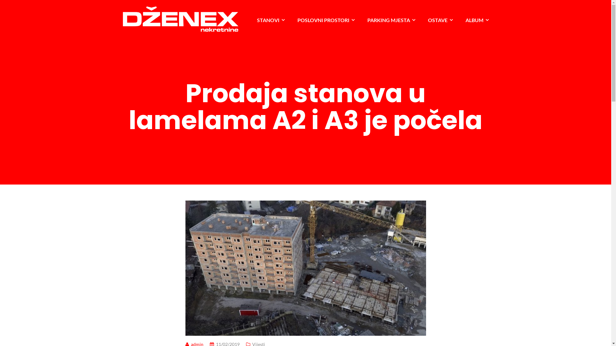 This screenshot has width=616, height=346. Describe the element at coordinates (440, 20) in the screenshot. I see `'OSTAVE'` at that location.